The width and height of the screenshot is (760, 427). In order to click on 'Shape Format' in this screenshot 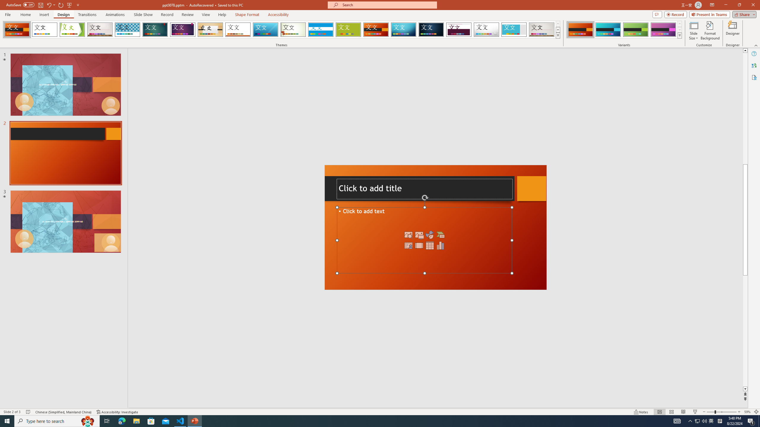, I will do `click(247, 15)`.